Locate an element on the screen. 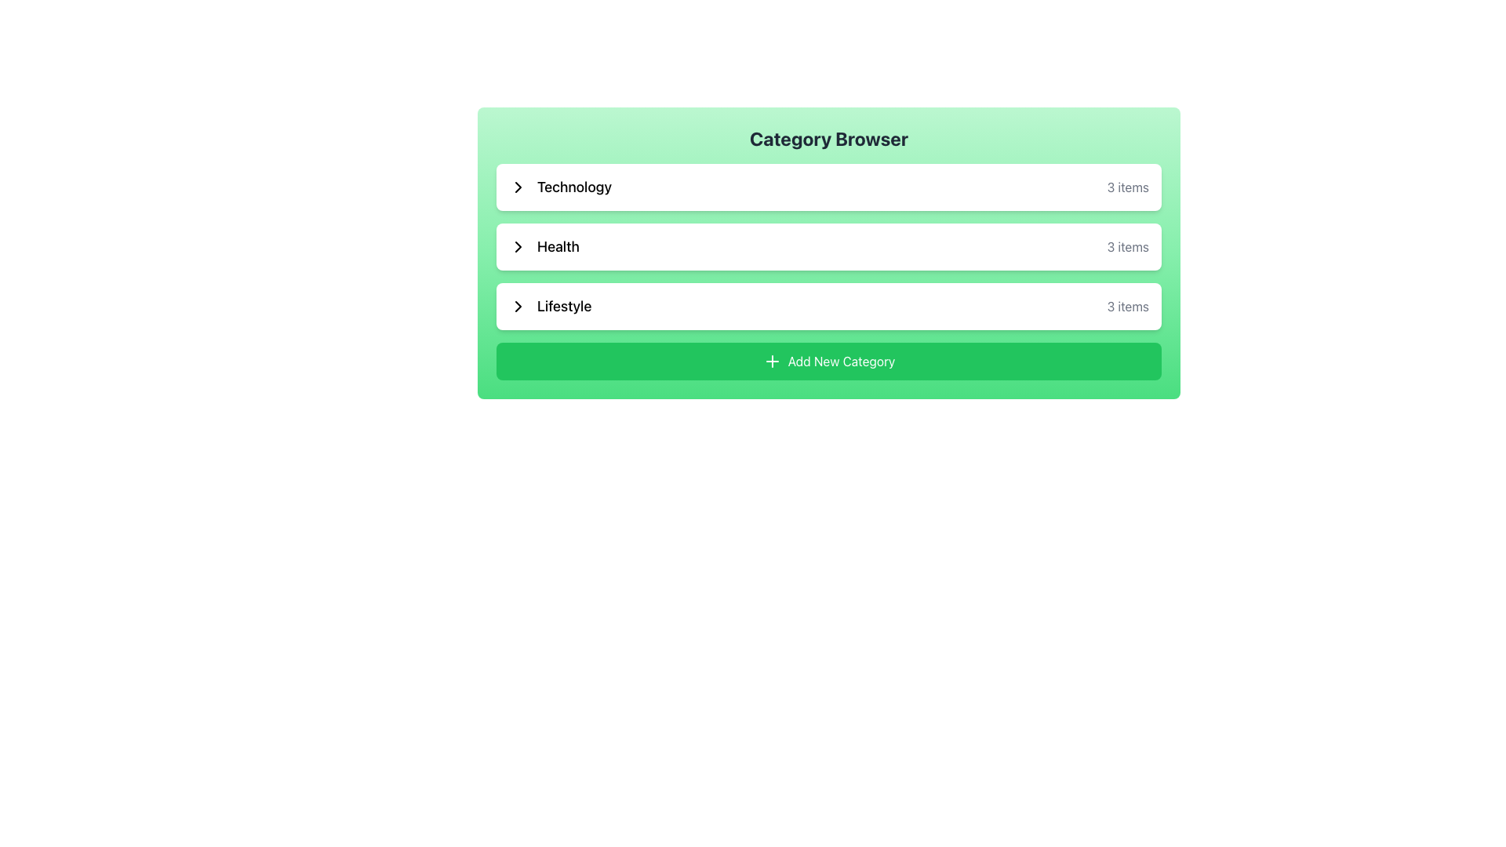 Image resolution: width=1506 pixels, height=847 pixels. the third card in the vertical list under 'Category Browser' is located at coordinates (828, 306).